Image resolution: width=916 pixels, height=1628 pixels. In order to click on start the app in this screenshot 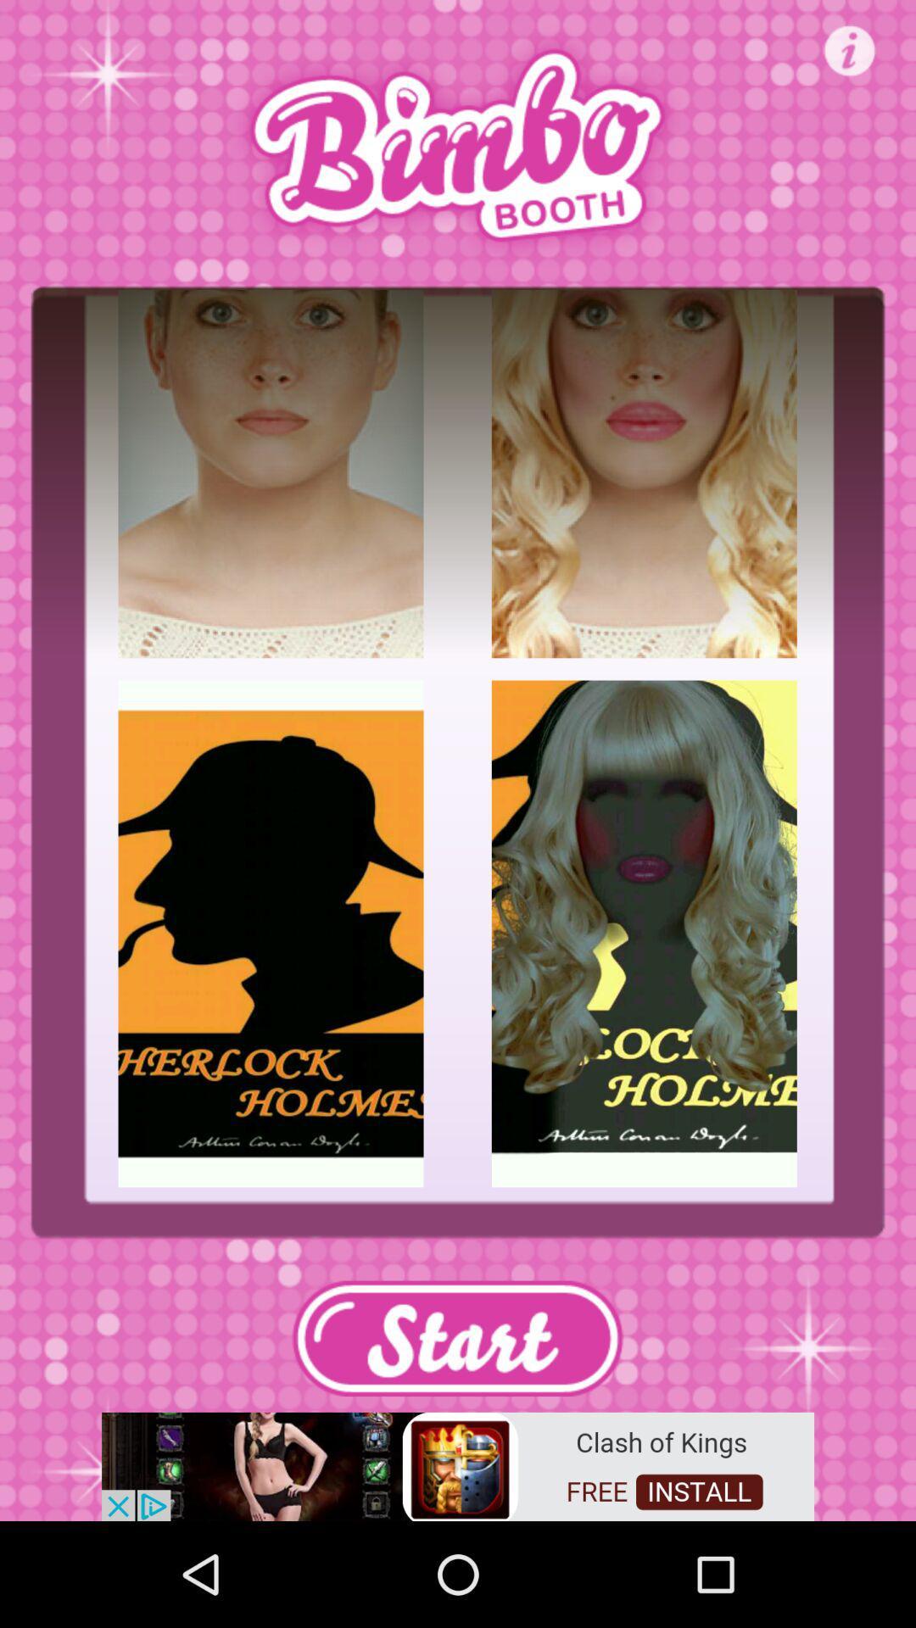, I will do `click(456, 1337)`.